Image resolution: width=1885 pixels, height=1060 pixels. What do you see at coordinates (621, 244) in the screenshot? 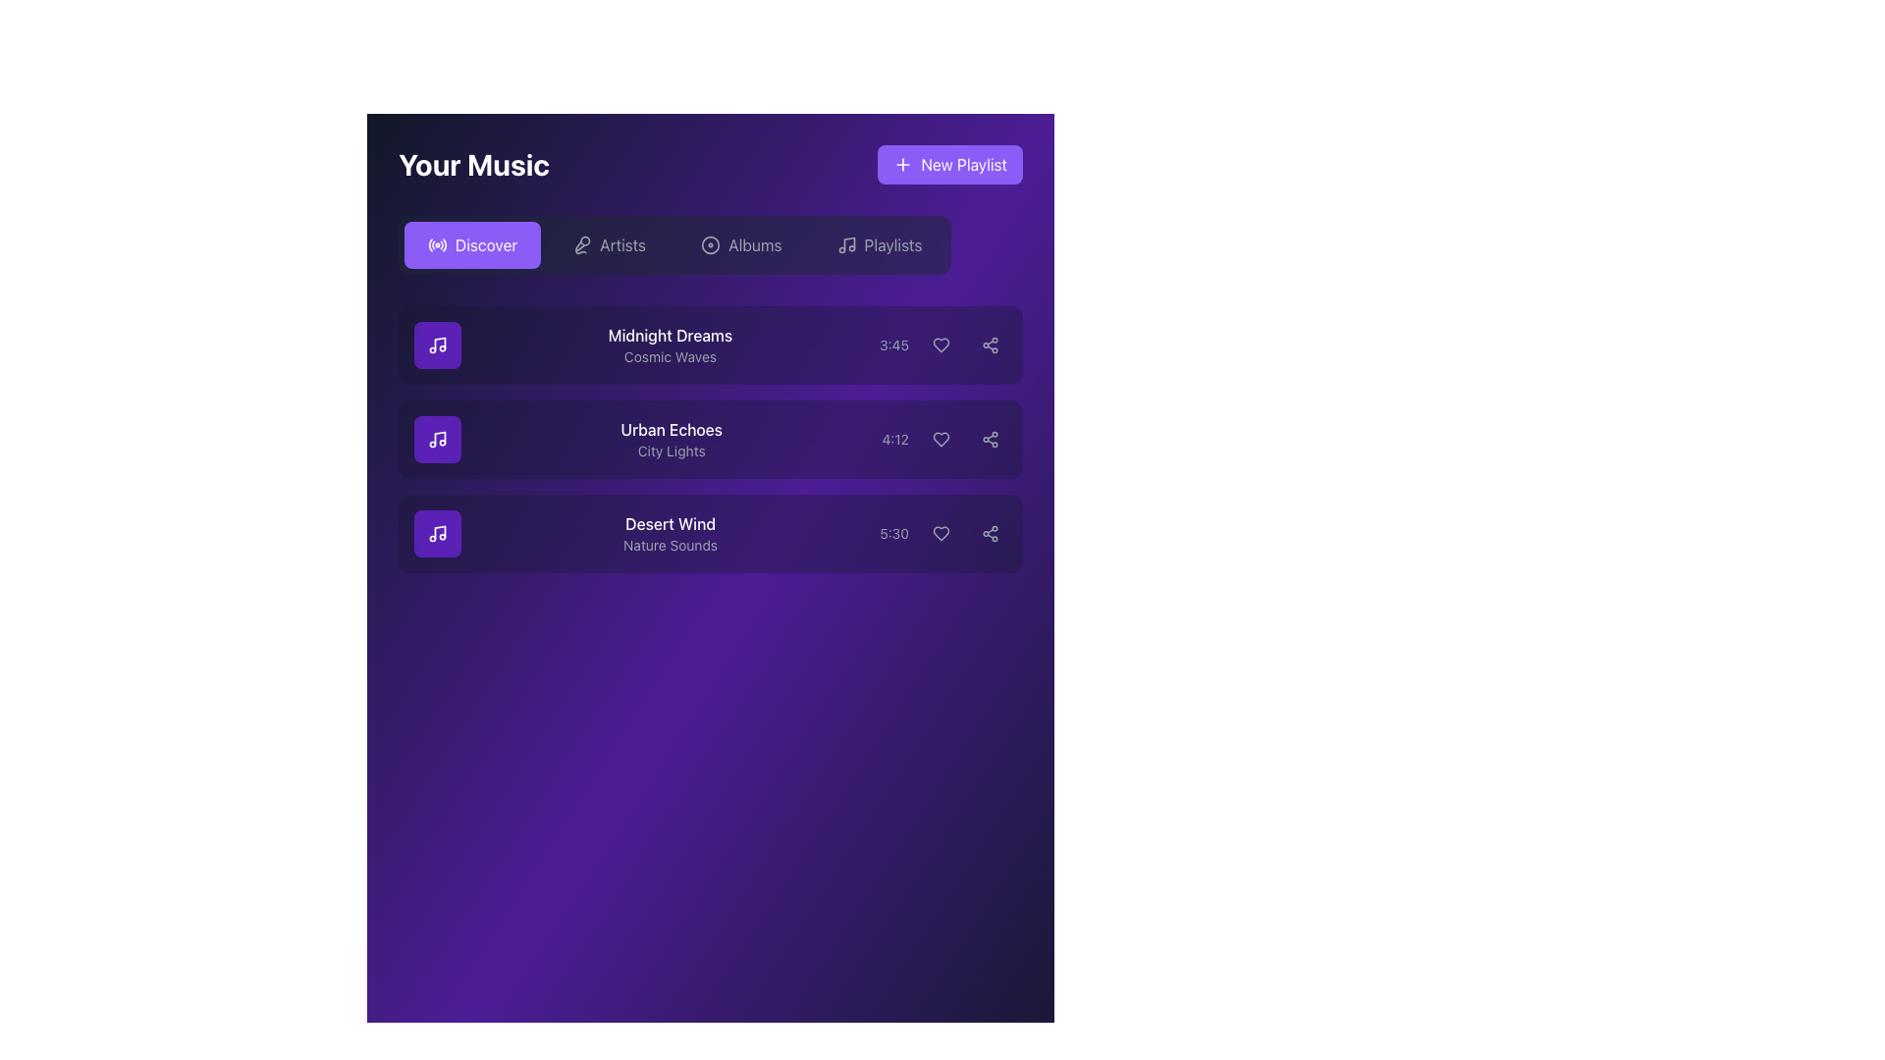
I see `the 'Artists' text label in the navigation menu` at bounding box center [621, 244].